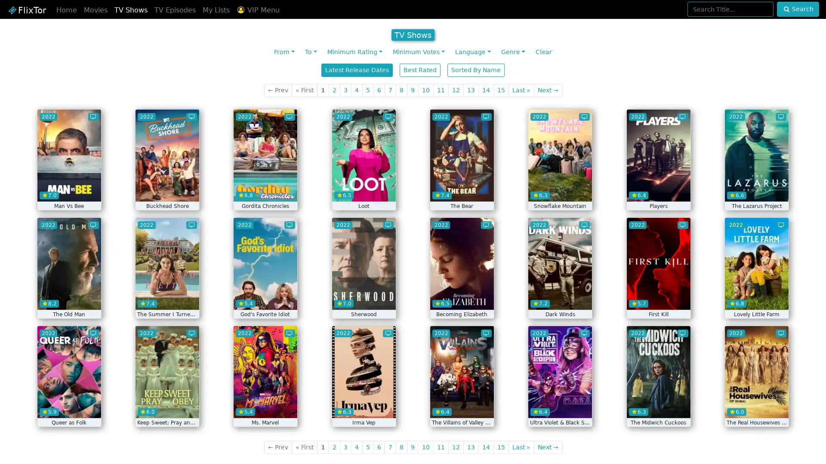 The width and height of the screenshot is (826, 464). Describe the element at coordinates (560, 296) in the screenshot. I see `Watch Now` at that location.